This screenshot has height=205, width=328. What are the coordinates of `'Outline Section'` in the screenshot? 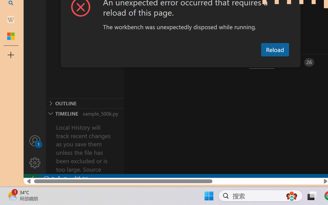 It's located at (85, 103).